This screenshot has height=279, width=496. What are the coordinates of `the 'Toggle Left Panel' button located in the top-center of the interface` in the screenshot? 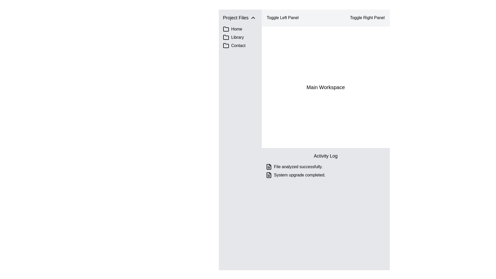 It's located at (282, 18).